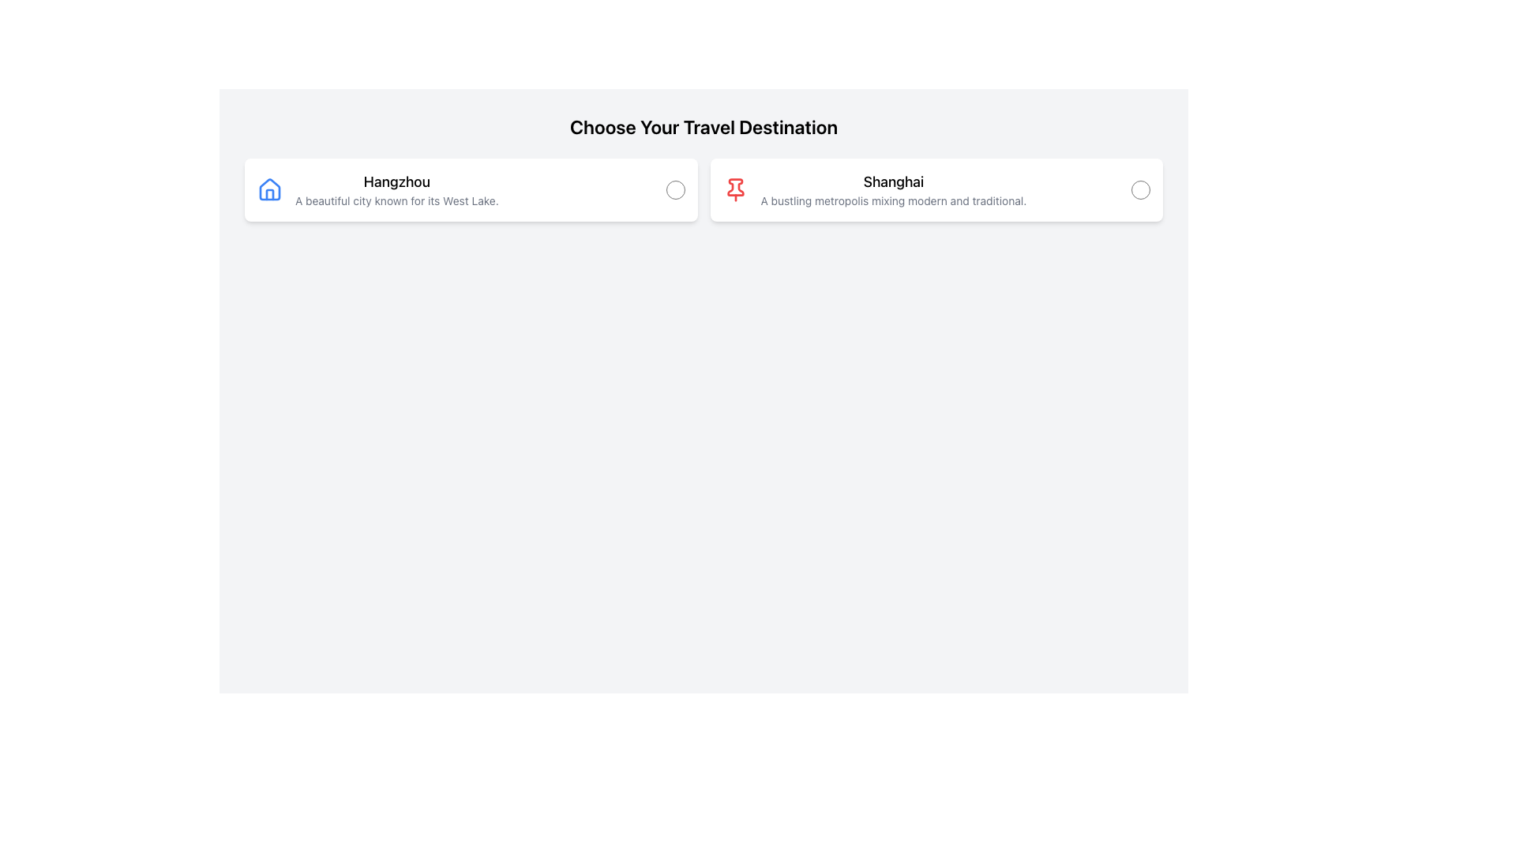 This screenshot has width=1516, height=852. I want to click on static text label indicating the name of the location, which is positioned at the top of the first card on the left in a two-card layout, so click(396, 181).